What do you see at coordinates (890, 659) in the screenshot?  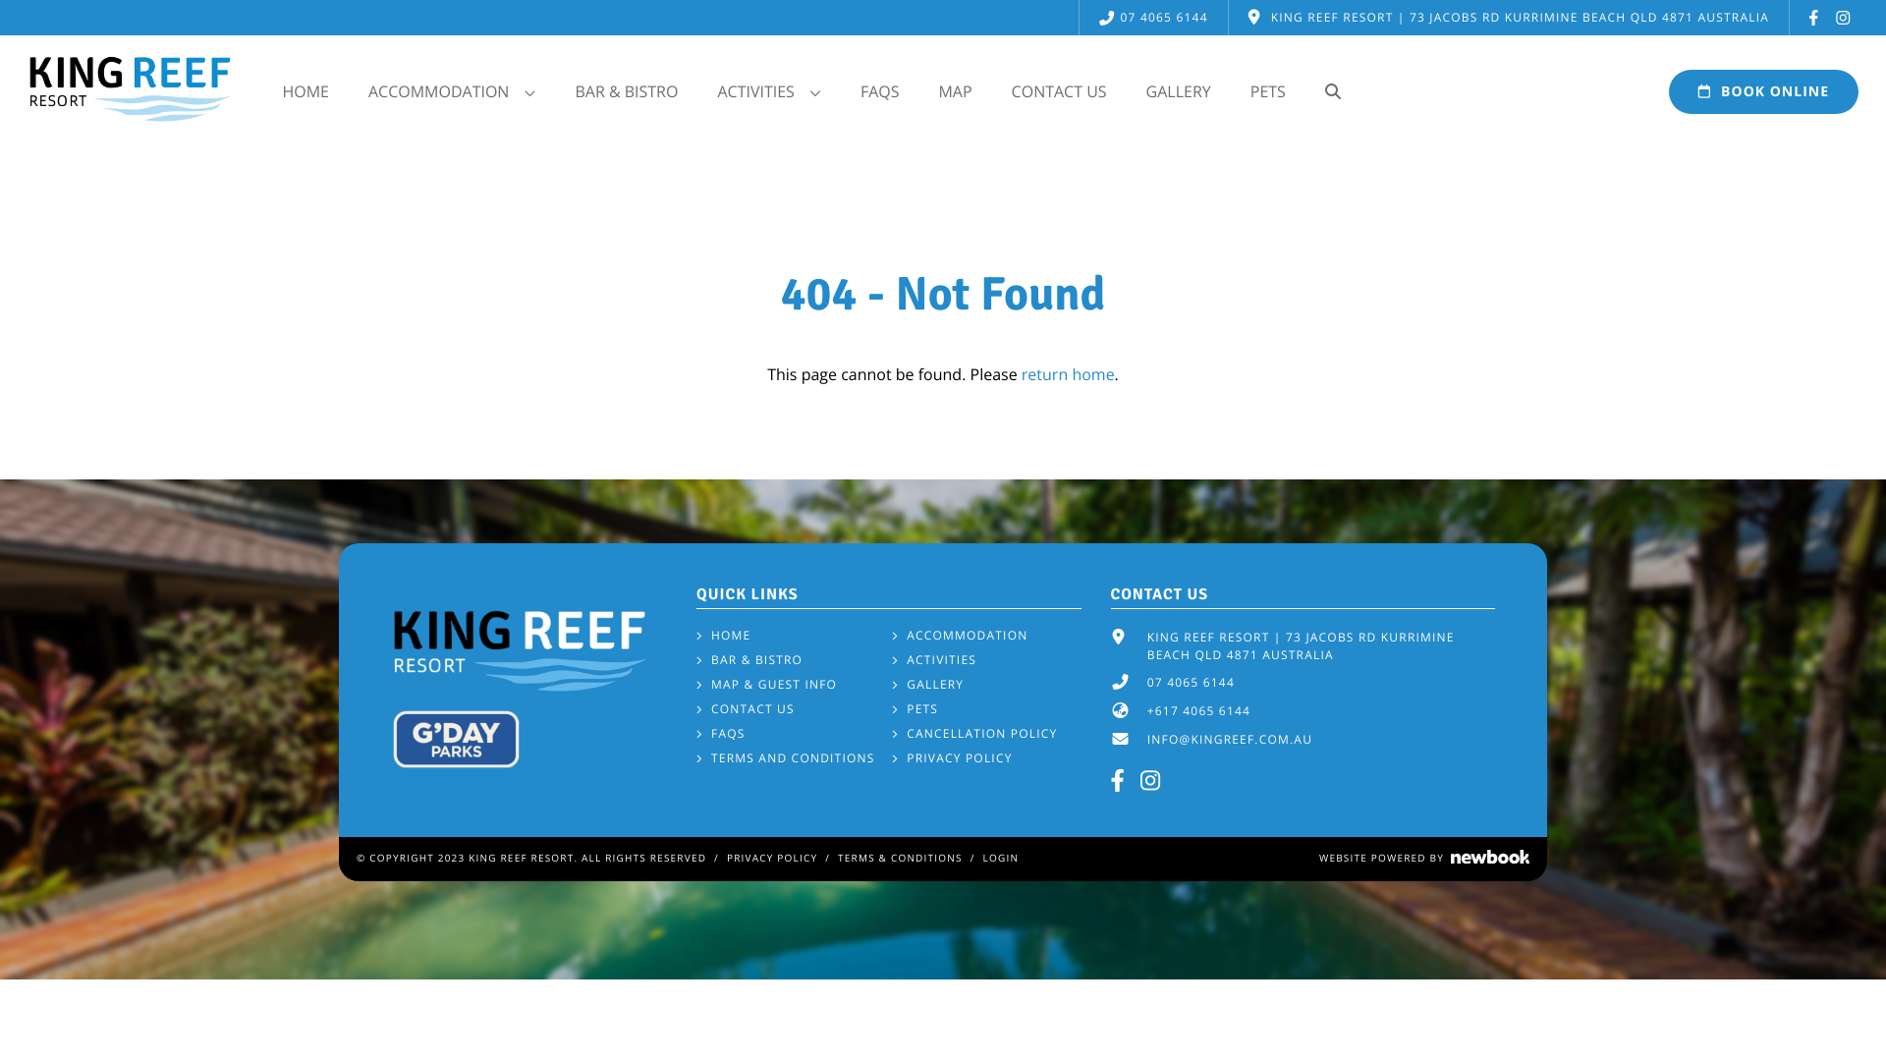 I see `'ACTIVITIES'` at bounding box center [890, 659].